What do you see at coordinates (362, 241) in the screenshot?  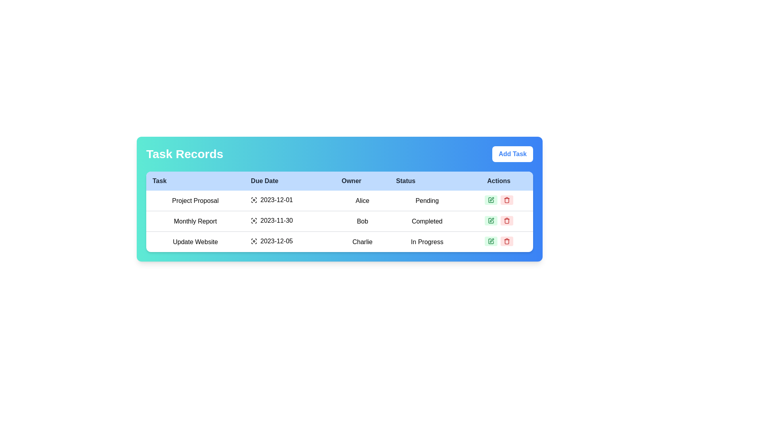 I see `the text label displaying 'Charlie' in the third row of the 'Owner' column of the task table for the task 'Update Website'` at bounding box center [362, 241].